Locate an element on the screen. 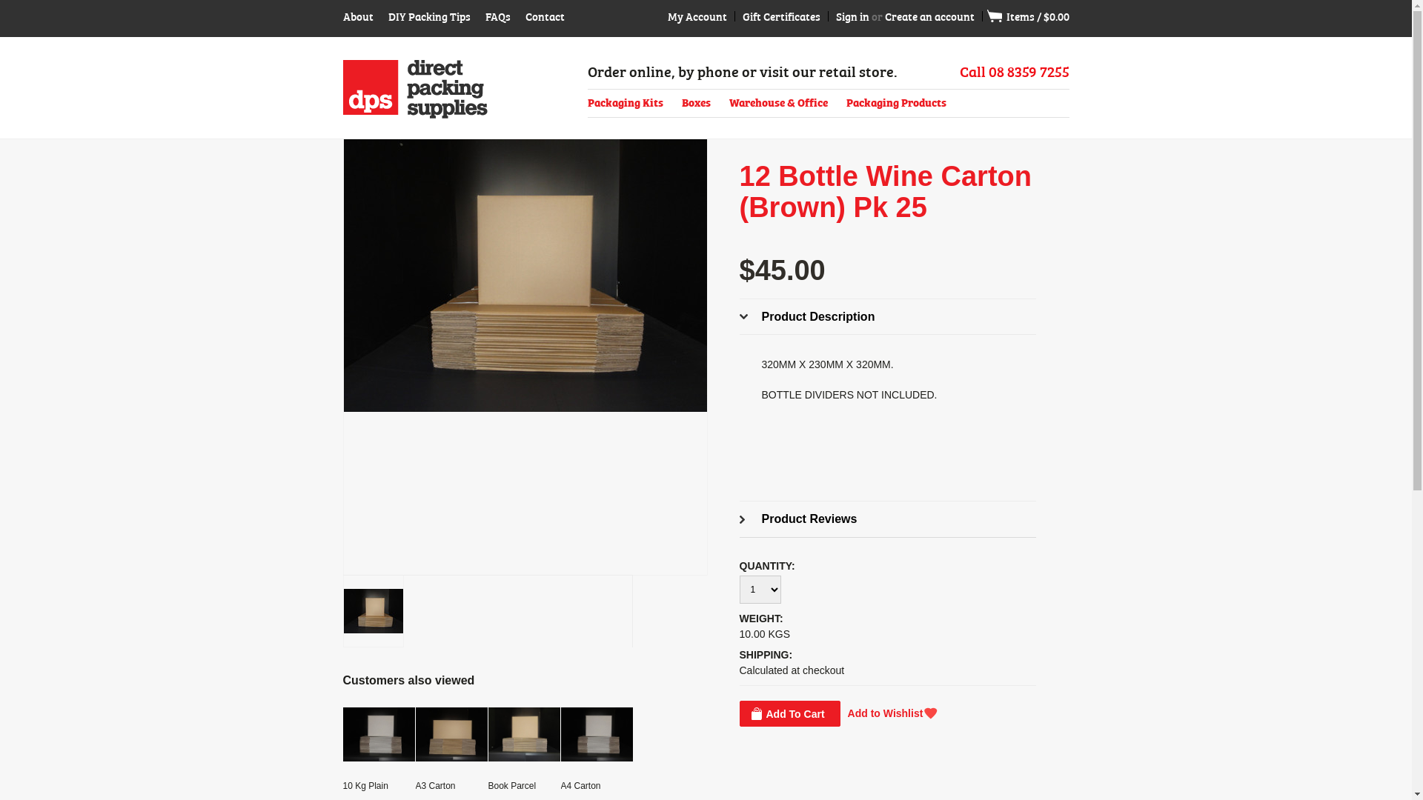  'Gift Certificates' is located at coordinates (780, 16).